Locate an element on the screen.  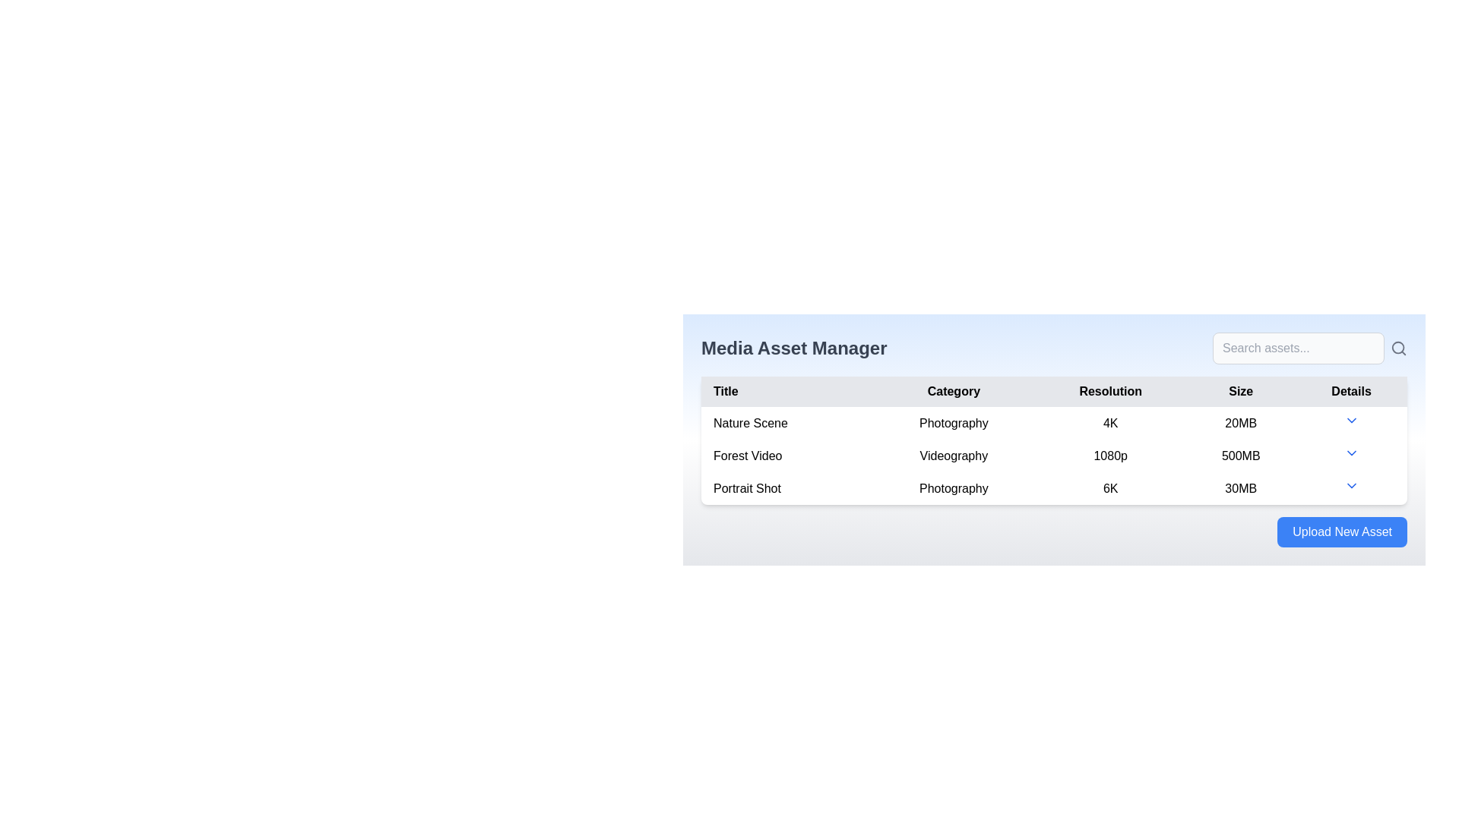
the informational text element that indicates the size of a media asset in megabytes (MB), located in the fourth column of the first row of the table, to the right of '4K' and to the left of an empty field with a blue-colored interactive icon is located at coordinates (1241, 423).